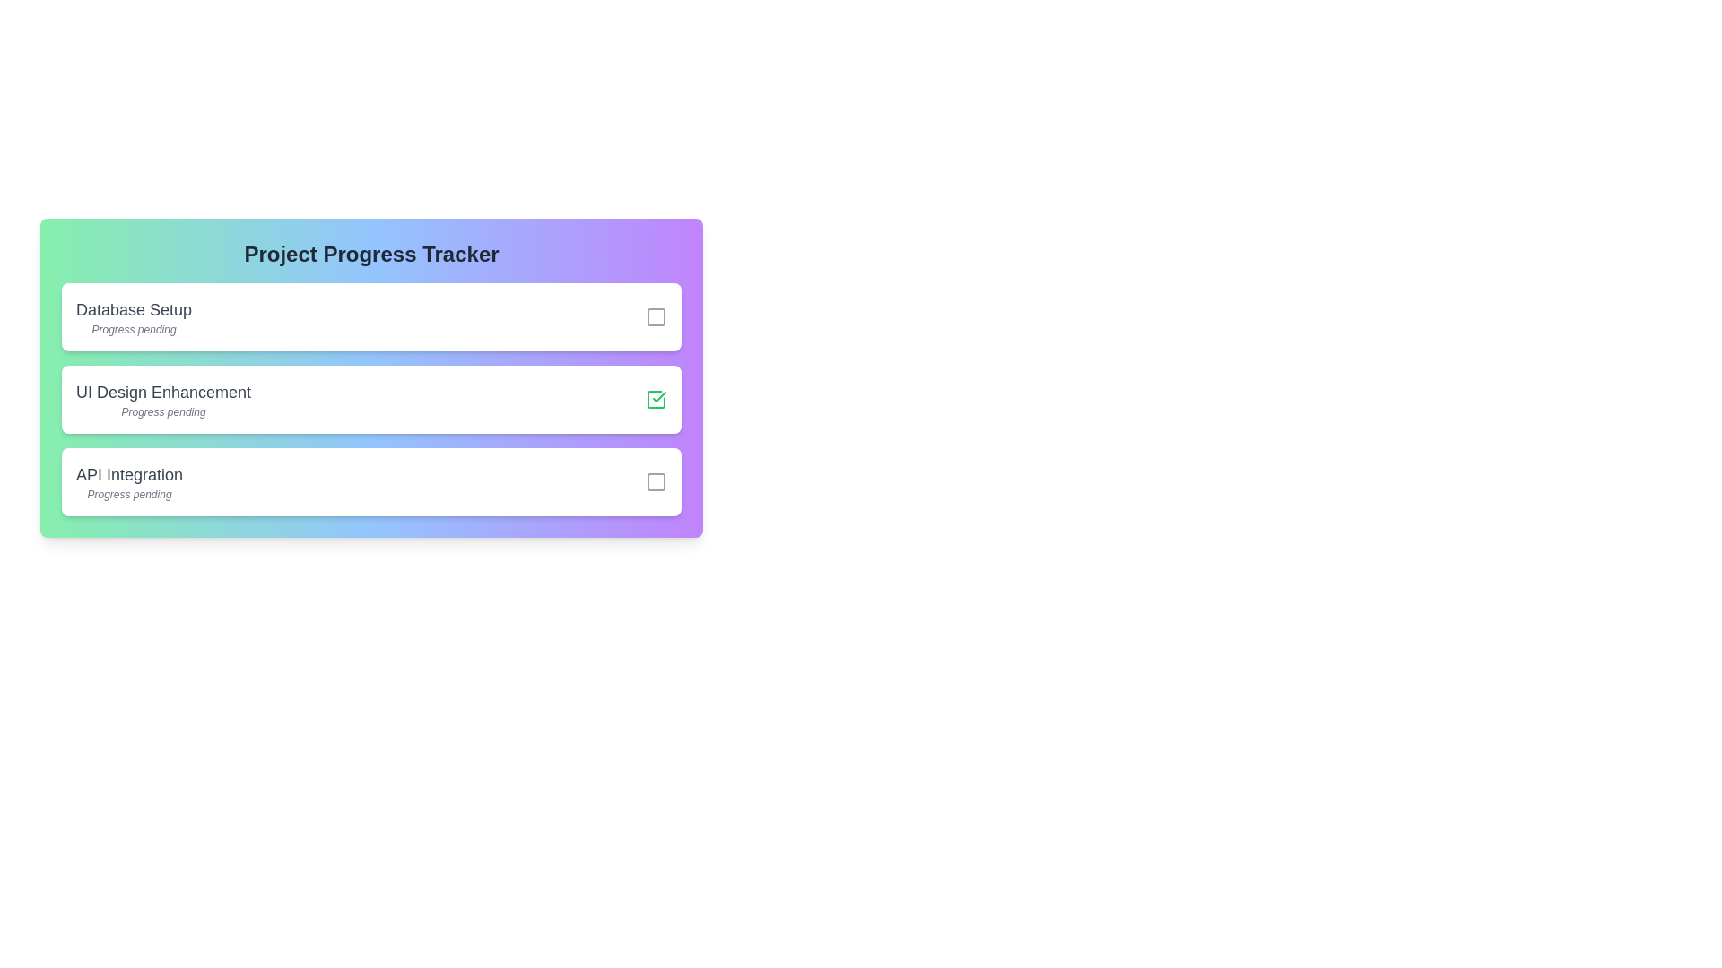  What do you see at coordinates (370, 255) in the screenshot?
I see `the text of the heading 'Project Progress Tracker'` at bounding box center [370, 255].